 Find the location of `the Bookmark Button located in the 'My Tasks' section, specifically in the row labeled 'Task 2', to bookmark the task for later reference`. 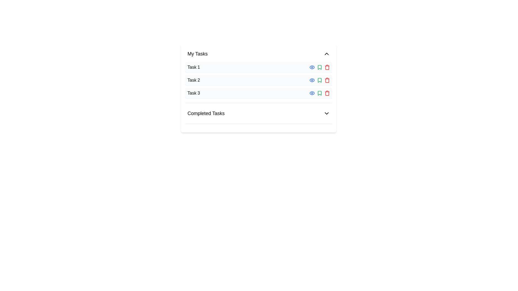

the Bookmark Button located in the 'My Tasks' section, specifically in the row labeled 'Task 2', to bookmark the task for later reference is located at coordinates (320, 80).